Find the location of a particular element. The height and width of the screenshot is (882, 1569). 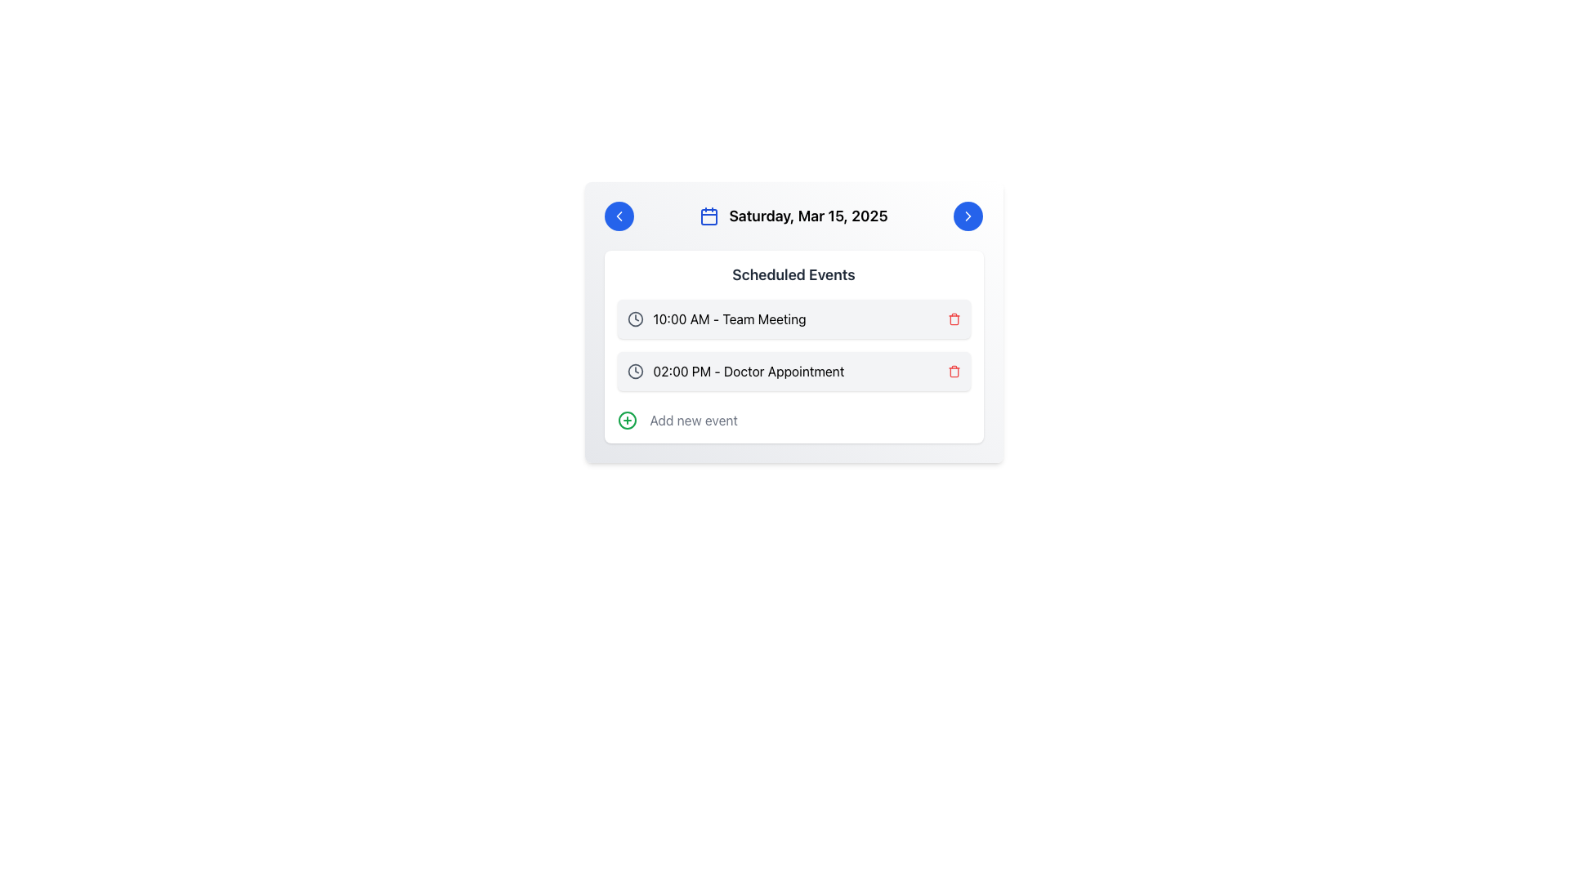

the circular button with a blue background and white right-facing chevron icon located in the top-right corner of the card displaying the date 'Saturday, Mar 15, 2025' is located at coordinates (968, 216).